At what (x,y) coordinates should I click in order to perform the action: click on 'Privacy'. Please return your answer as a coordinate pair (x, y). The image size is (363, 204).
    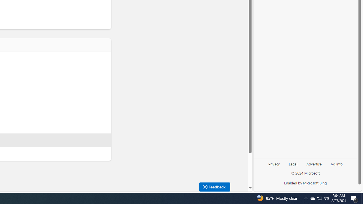
    Looking at the image, I should click on (274, 163).